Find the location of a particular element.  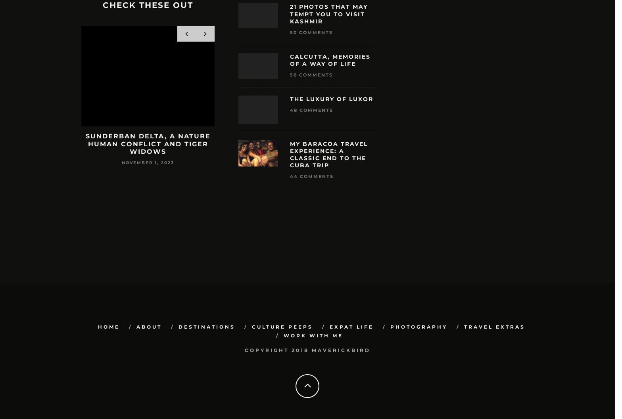

'Culture Peeps' is located at coordinates (282, 327).